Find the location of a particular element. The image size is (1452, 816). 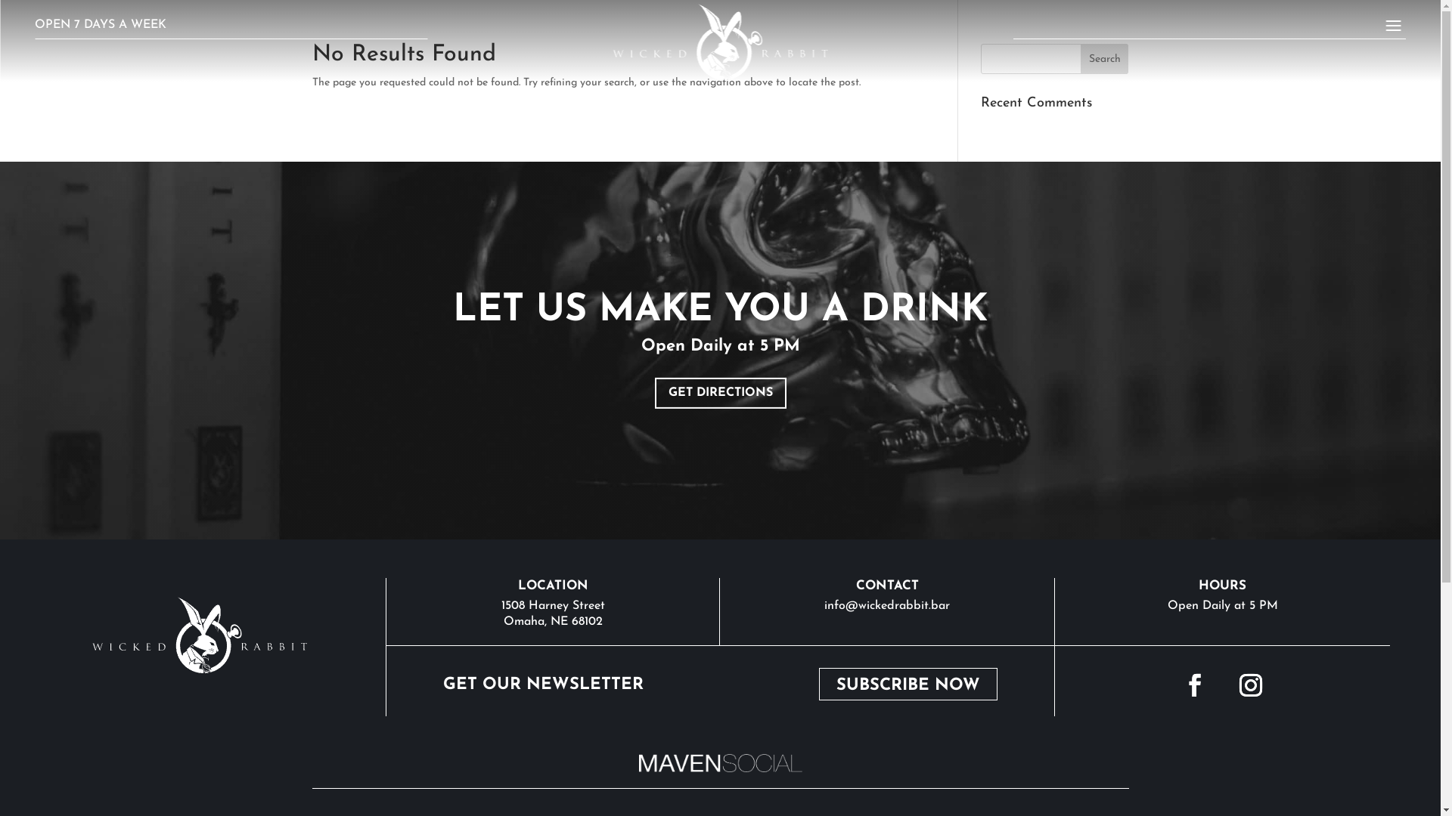

'Follow on Facebook' is located at coordinates (1171, 685).